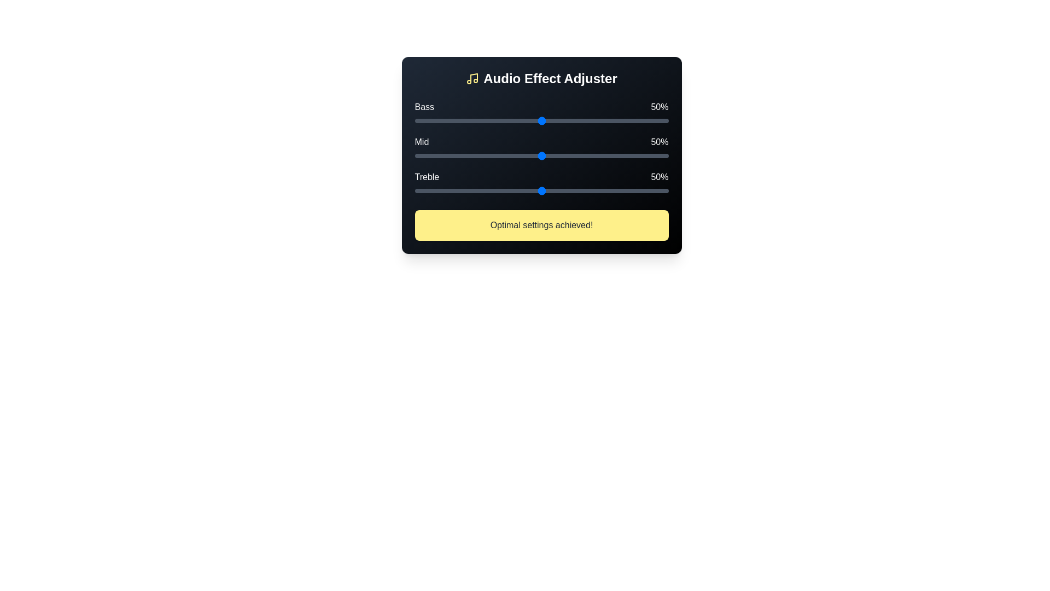 This screenshot has width=1050, height=591. What do you see at coordinates (640, 120) in the screenshot?
I see `the Bass slider to 89% by clicking on the slider track` at bounding box center [640, 120].